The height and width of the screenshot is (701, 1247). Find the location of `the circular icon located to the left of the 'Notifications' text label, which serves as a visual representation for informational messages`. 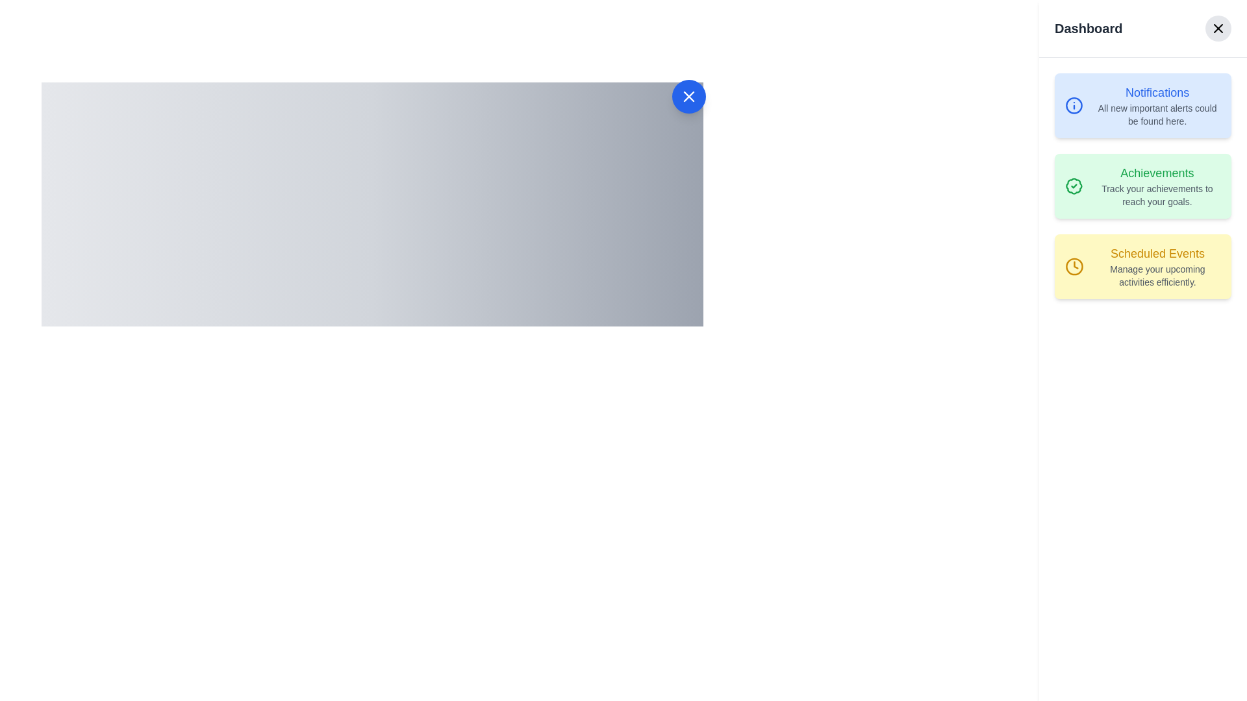

the circular icon located to the left of the 'Notifications' text label, which serves as a visual representation for informational messages is located at coordinates (1074, 105).